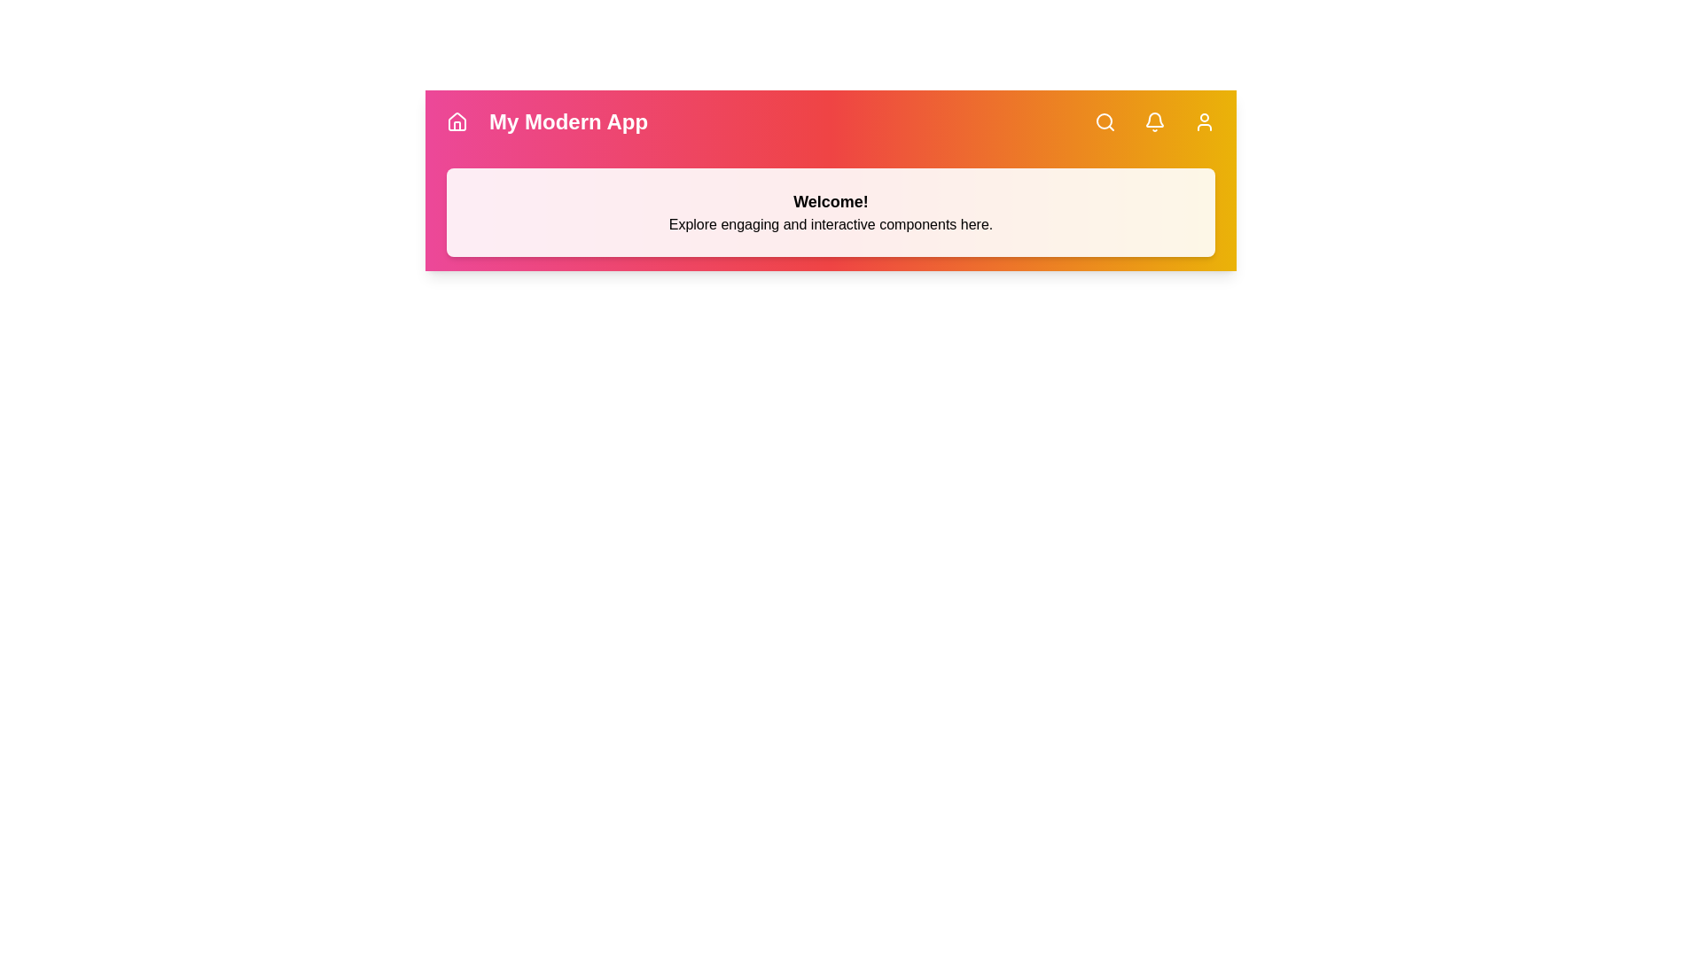  Describe the element at coordinates (1154, 121) in the screenshot. I see `the Notifications button` at that location.